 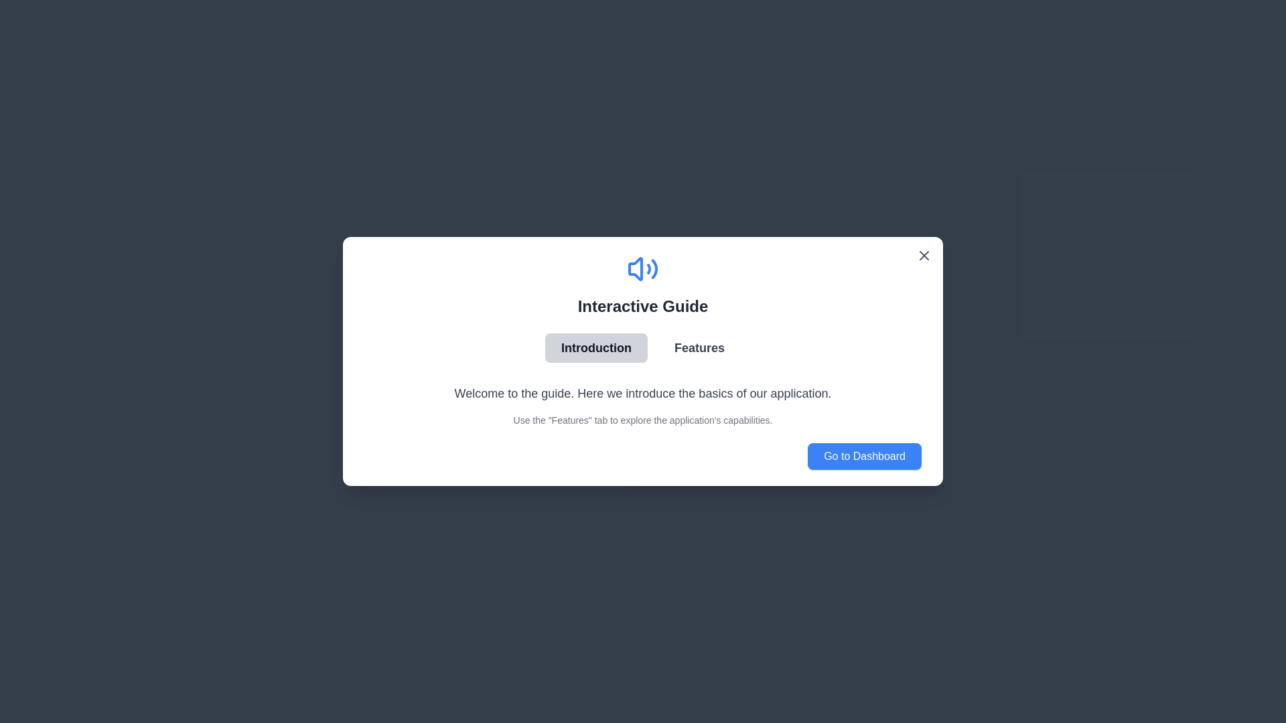 What do you see at coordinates (643, 284) in the screenshot?
I see `the blue volume icon above the text 'Interactive Guide' in the centered header of the pop-up card interface` at bounding box center [643, 284].